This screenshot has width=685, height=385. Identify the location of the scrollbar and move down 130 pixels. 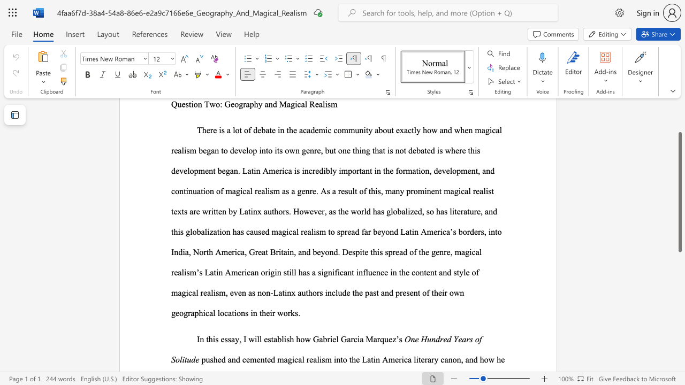
(679, 191).